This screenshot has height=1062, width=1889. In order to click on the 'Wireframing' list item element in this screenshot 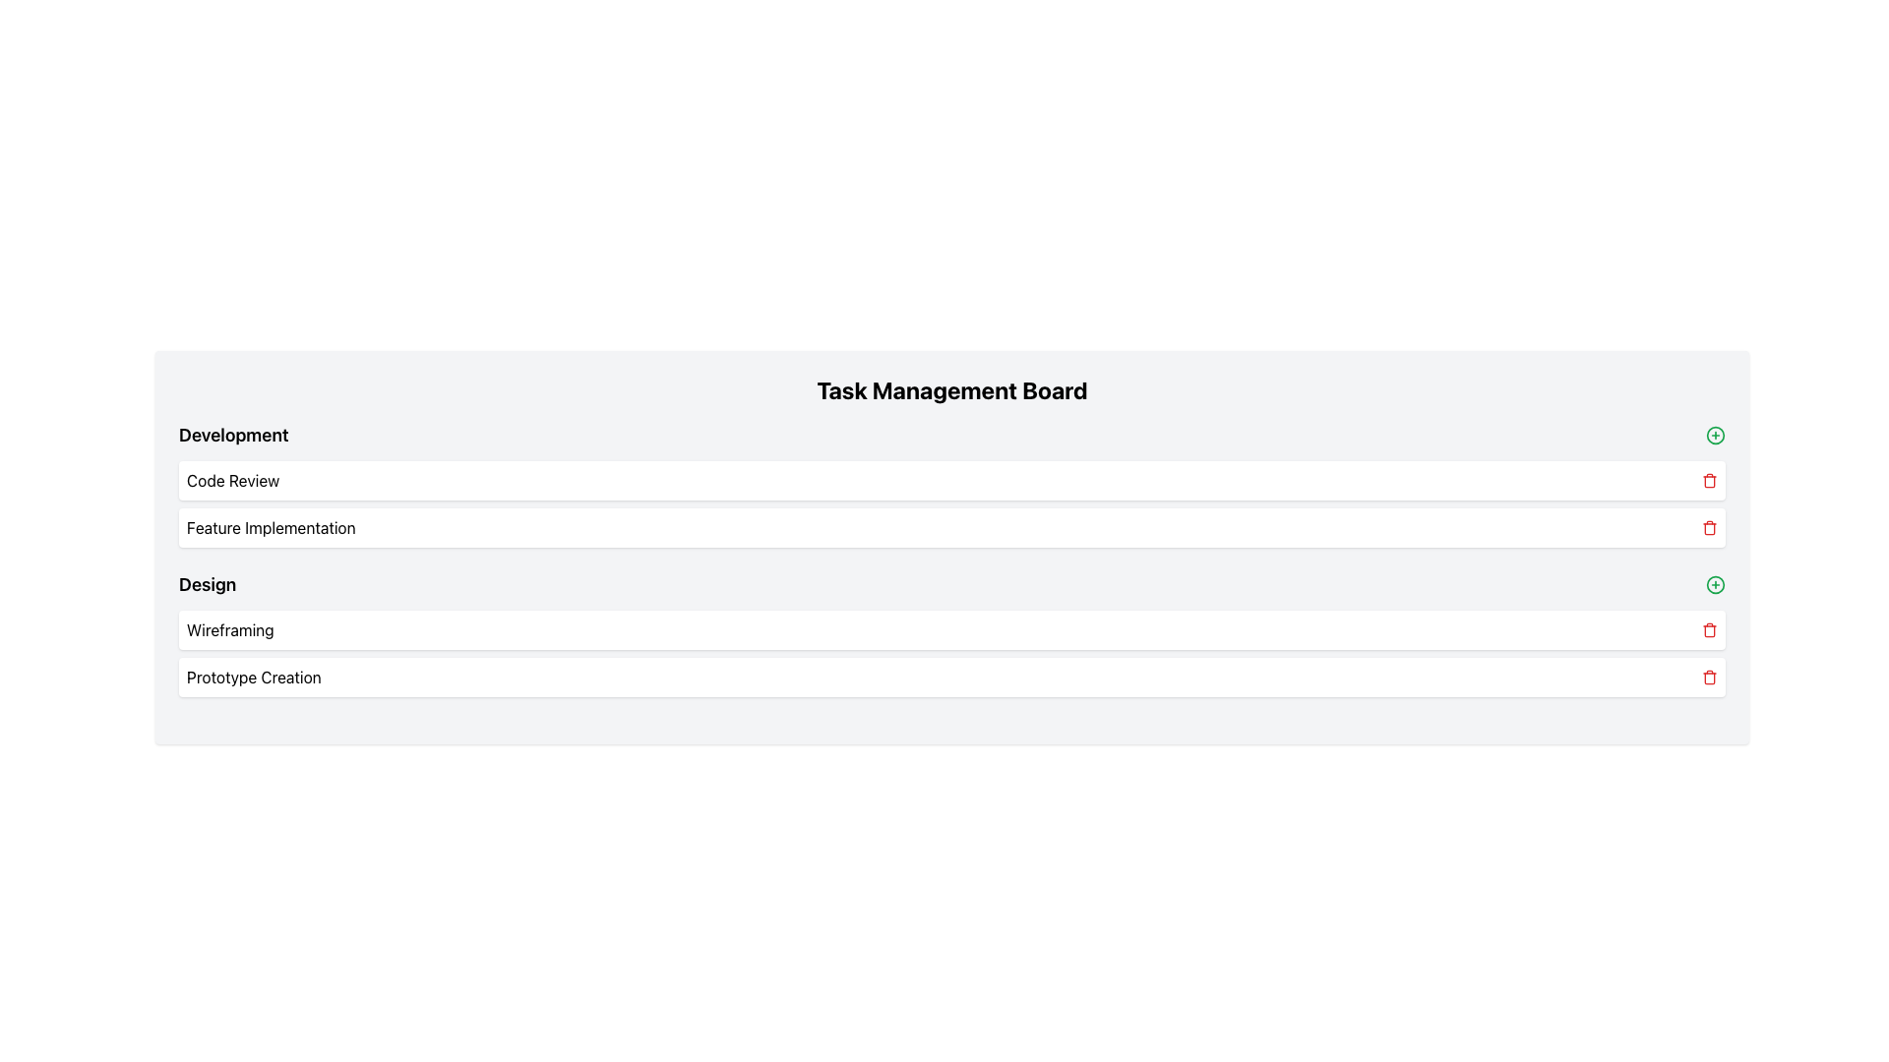, I will do `click(952, 629)`.